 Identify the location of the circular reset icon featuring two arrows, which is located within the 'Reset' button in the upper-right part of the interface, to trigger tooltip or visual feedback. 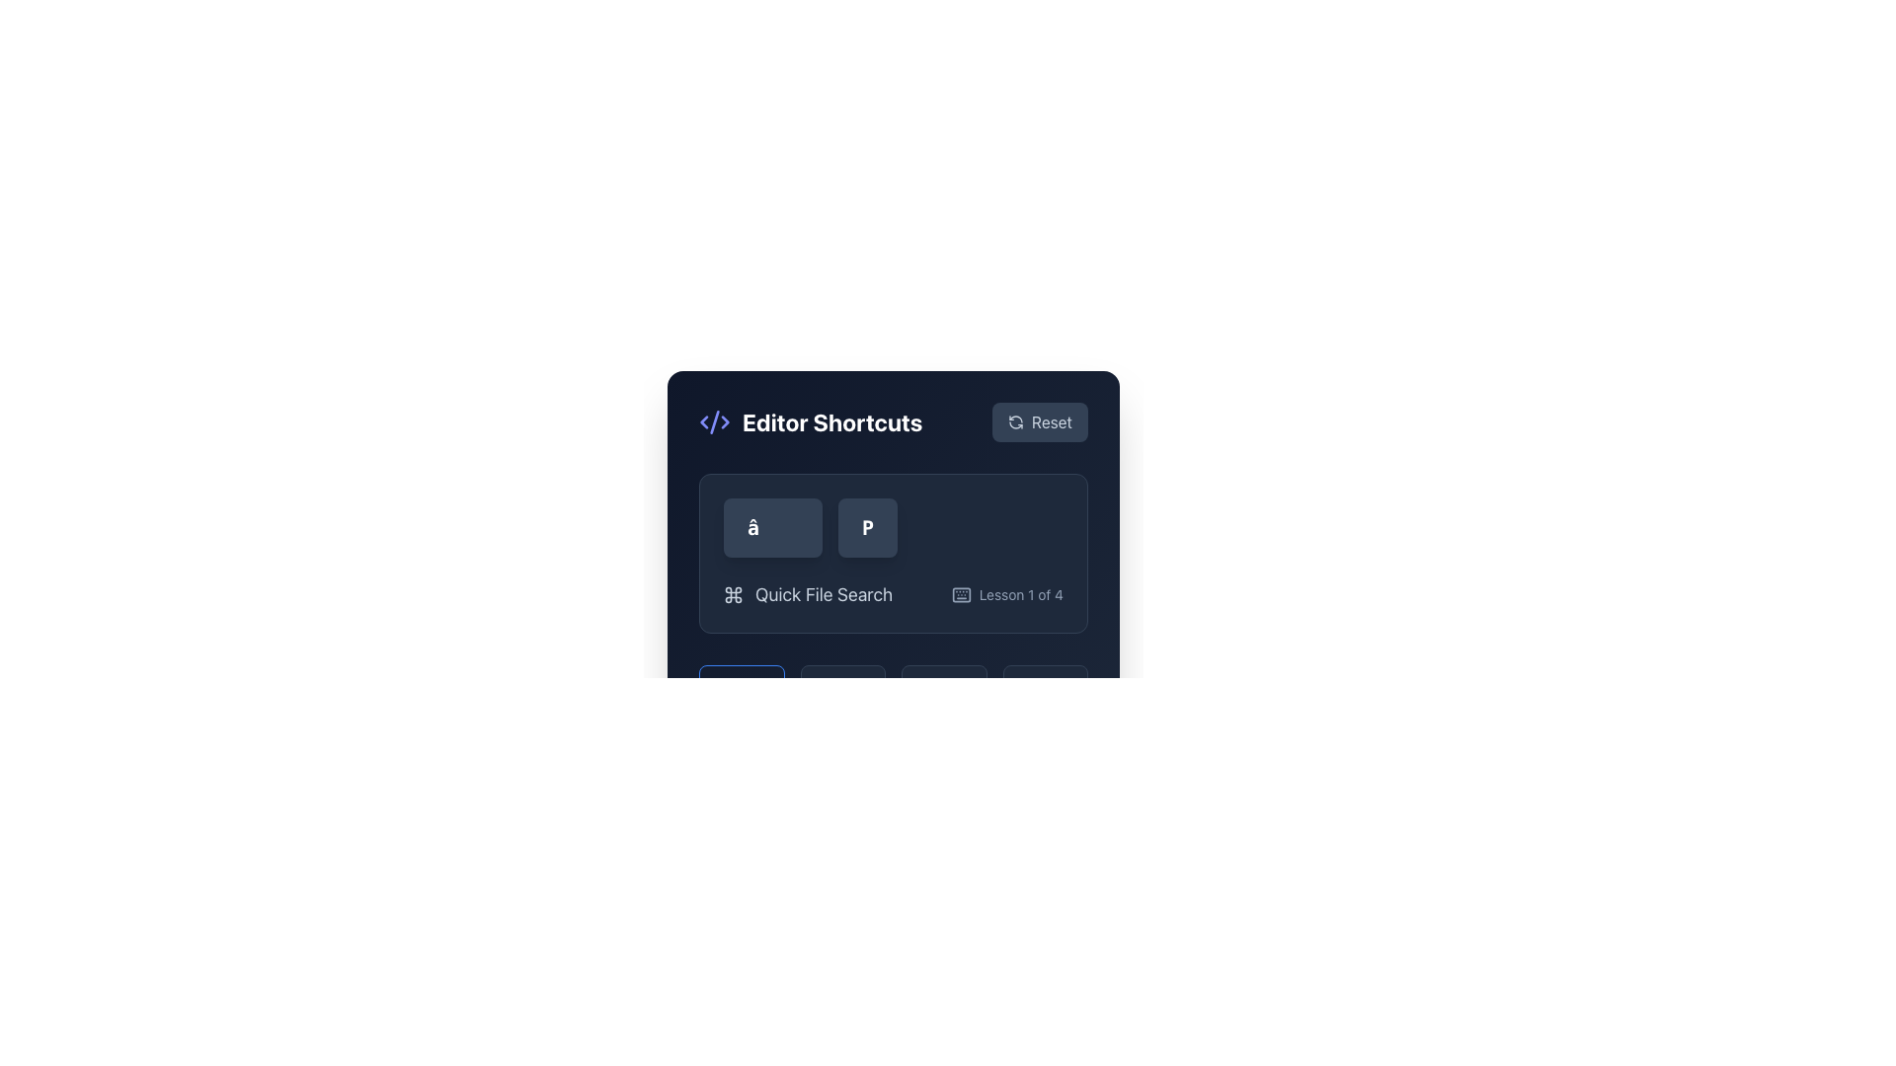
(1015, 421).